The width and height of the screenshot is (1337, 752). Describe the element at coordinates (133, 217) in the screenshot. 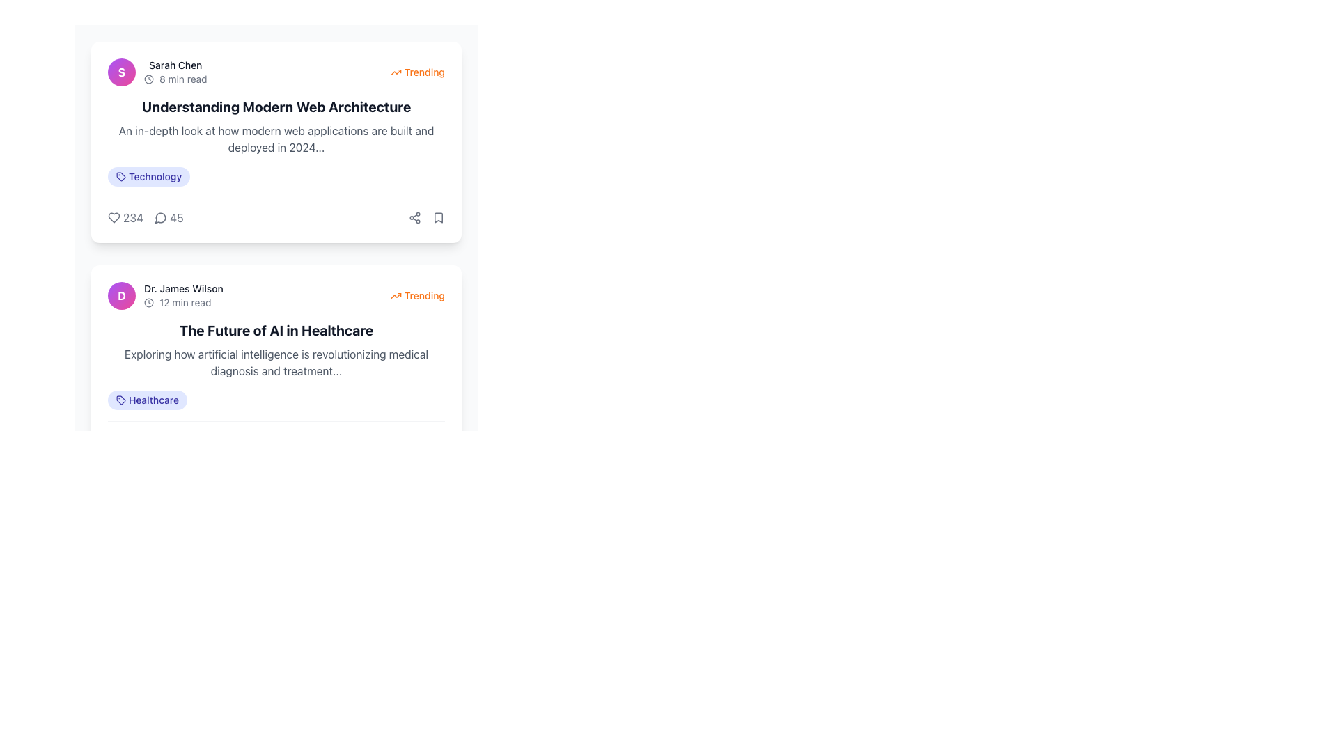

I see `the text label displaying '234' for accessibility tools, located to the right of a heart-shaped icon in the bottom-left area of an article preview card` at that location.